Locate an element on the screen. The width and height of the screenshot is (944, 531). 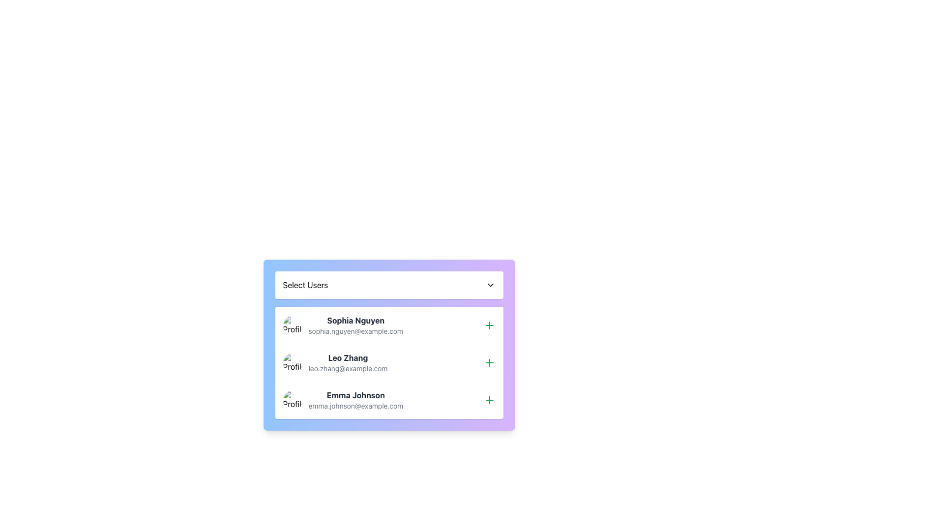
the green '+' button is located at coordinates (489, 400).